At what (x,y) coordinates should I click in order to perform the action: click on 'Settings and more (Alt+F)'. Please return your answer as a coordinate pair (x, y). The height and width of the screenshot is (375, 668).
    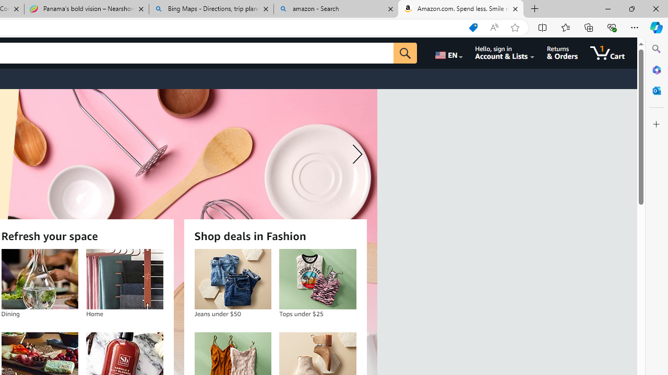
    Looking at the image, I should click on (634, 27).